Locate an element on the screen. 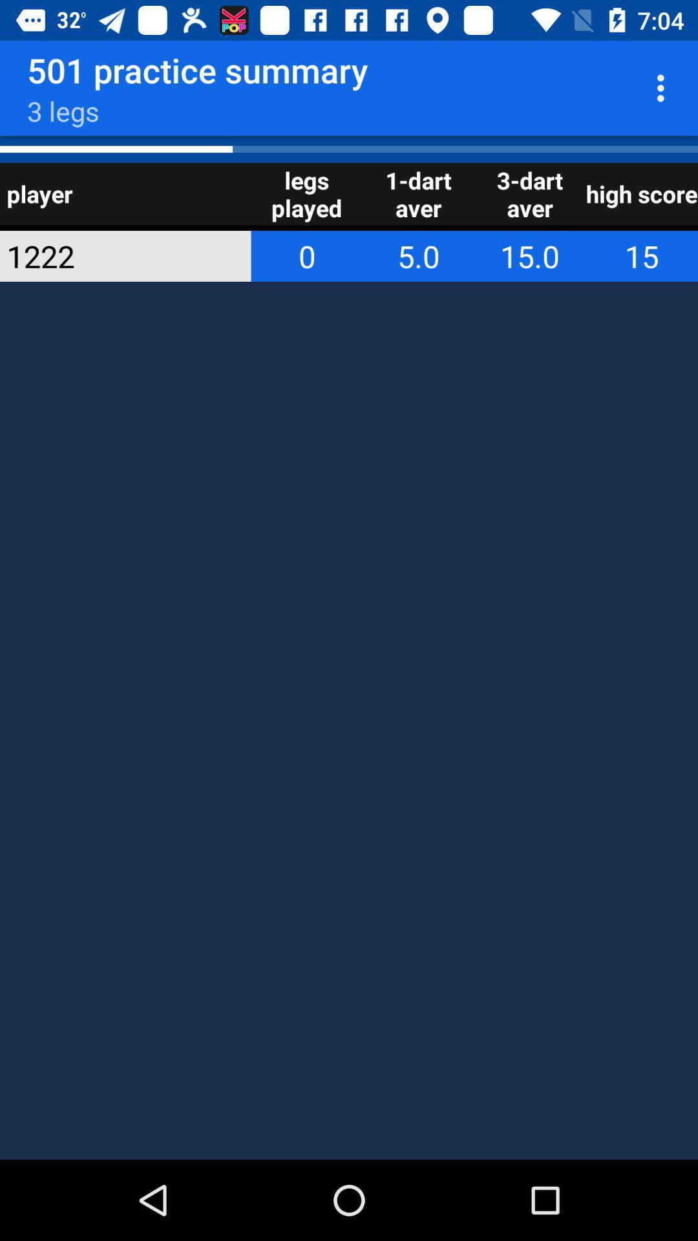  app to the right of 501 practice summary is located at coordinates (664, 87).